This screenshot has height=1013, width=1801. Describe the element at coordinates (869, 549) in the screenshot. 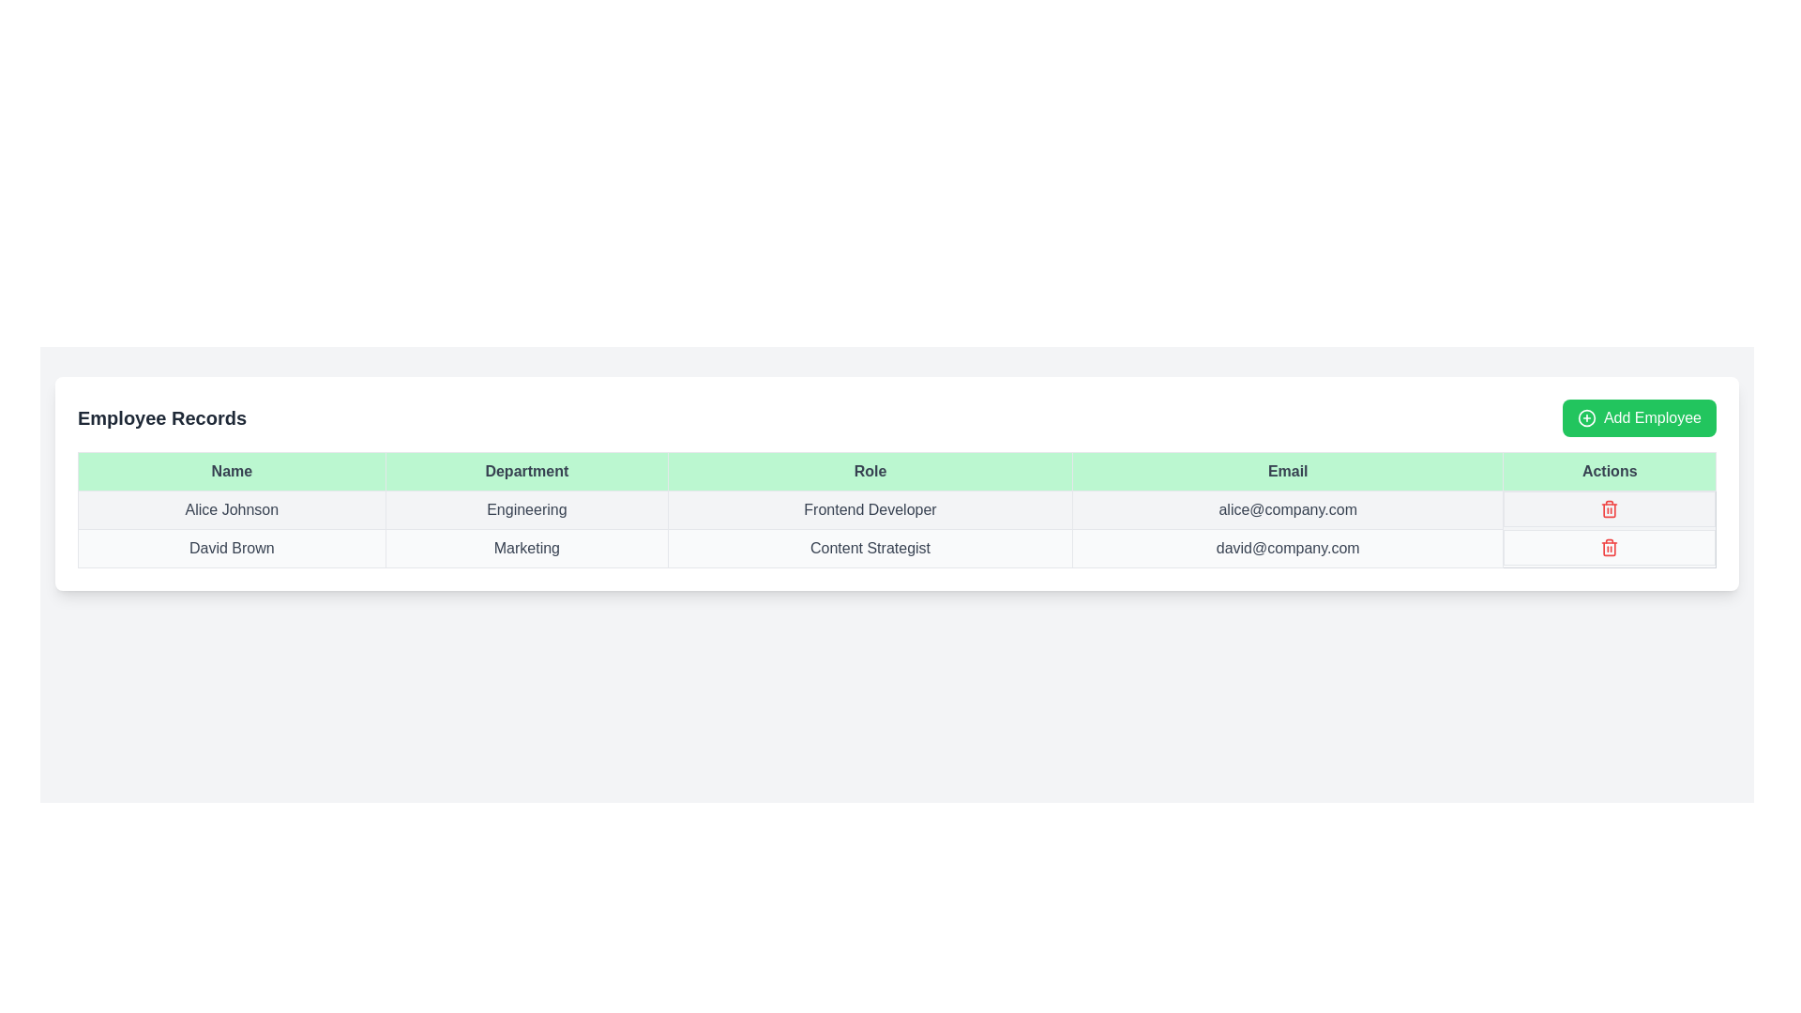

I see `text displayed in the Label that shows the role or job title for 'David Brown', located in the third column of the second row under the 'Role' heading` at that location.